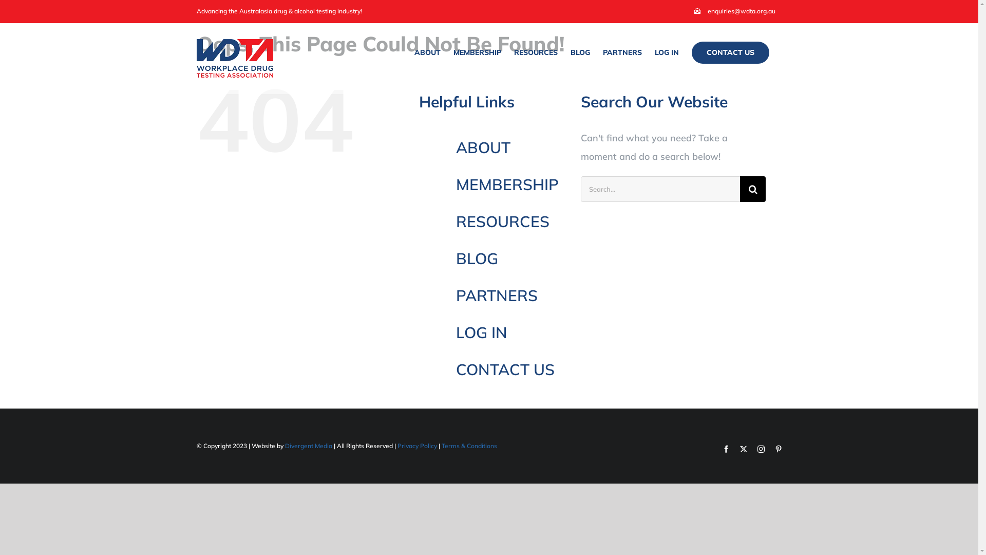  What do you see at coordinates (456, 147) in the screenshot?
I see `'ABOUT'` at bounding box center [456, 147].